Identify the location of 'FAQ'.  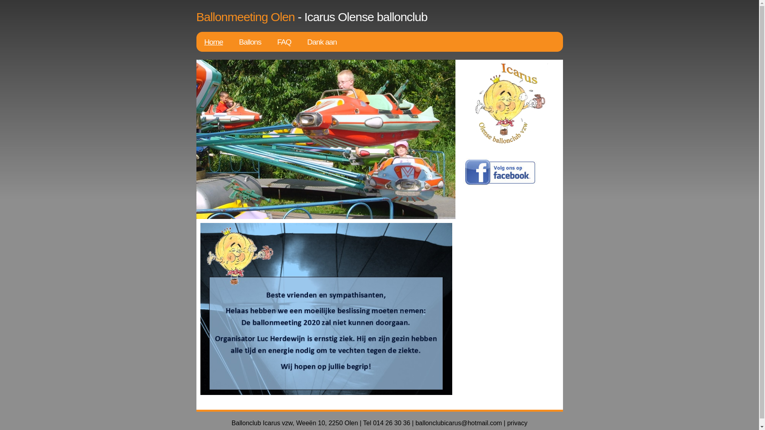
(284, 41).